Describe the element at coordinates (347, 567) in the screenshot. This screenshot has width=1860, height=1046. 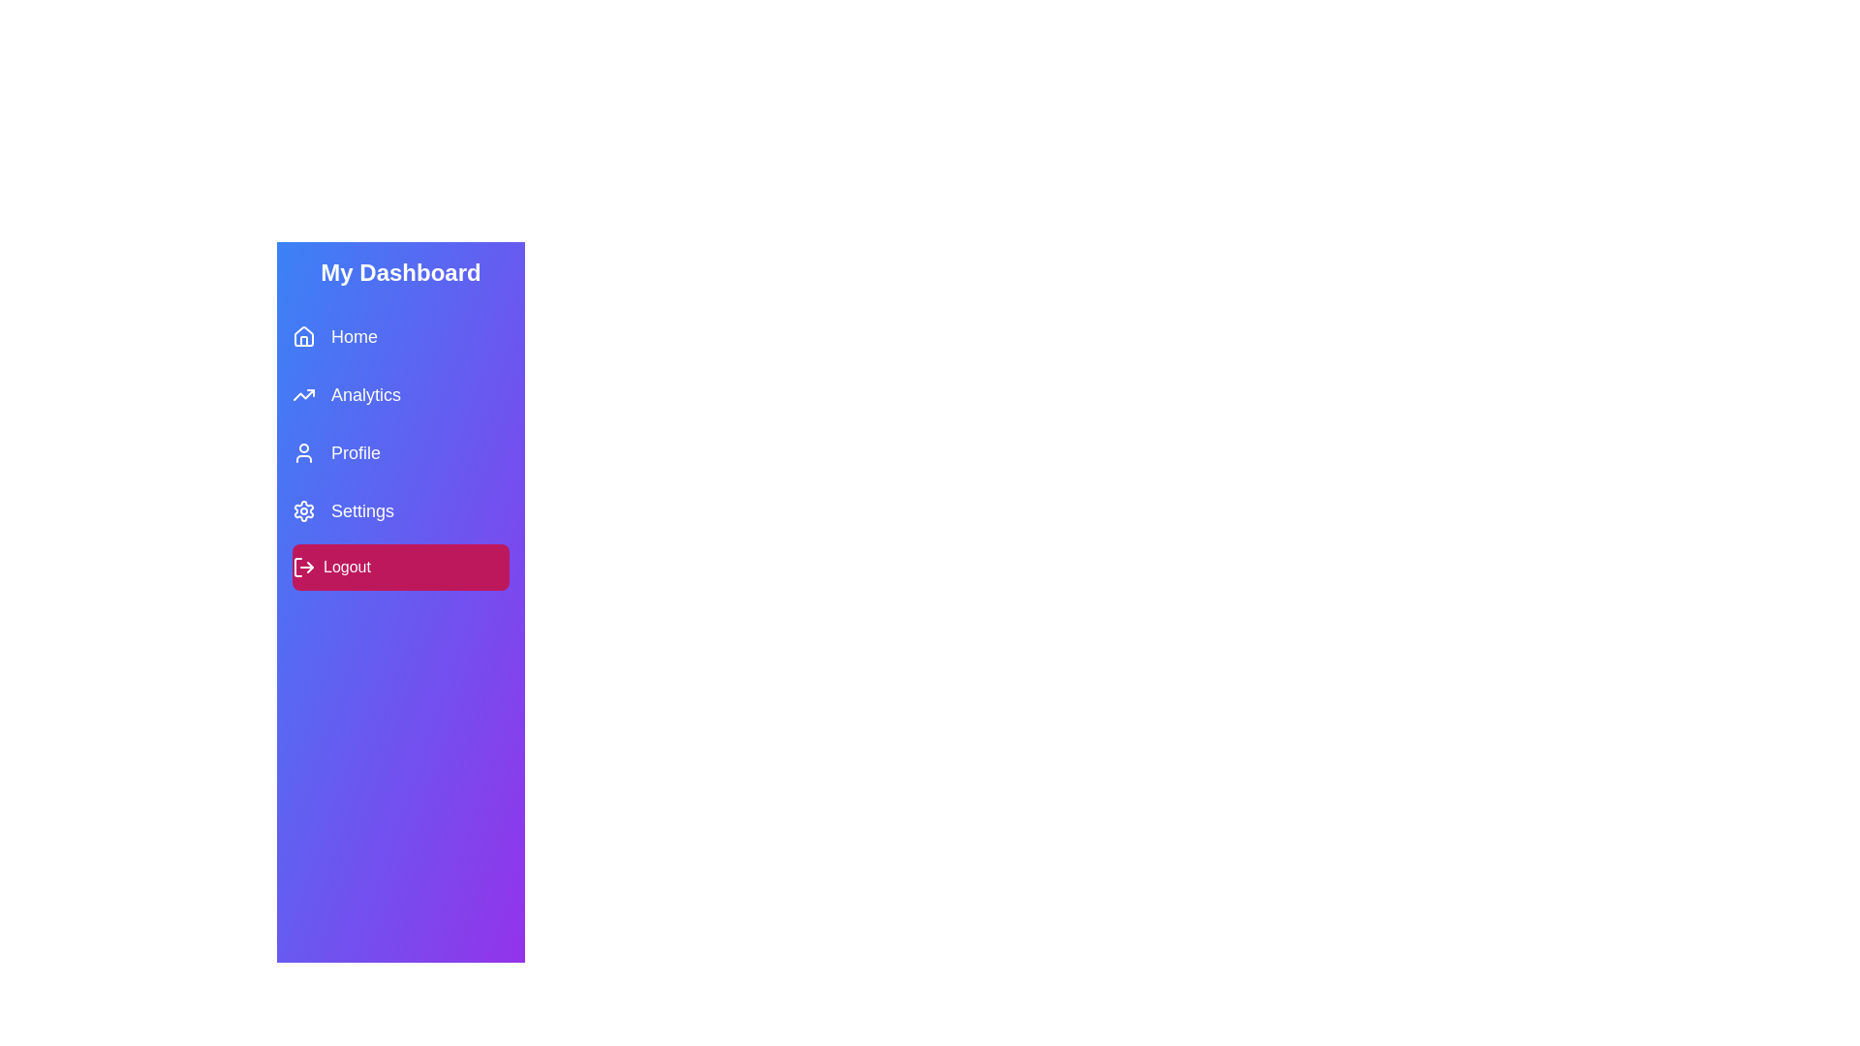
I see `the 'Logout' text label, which is styled in white sans-serif font on a pink rounded rectangular background, located at the bottom of a vertical menu` at that location.